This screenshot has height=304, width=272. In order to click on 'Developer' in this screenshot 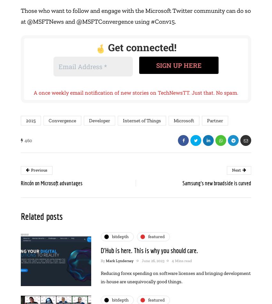, I will do `click(89, 120)`.